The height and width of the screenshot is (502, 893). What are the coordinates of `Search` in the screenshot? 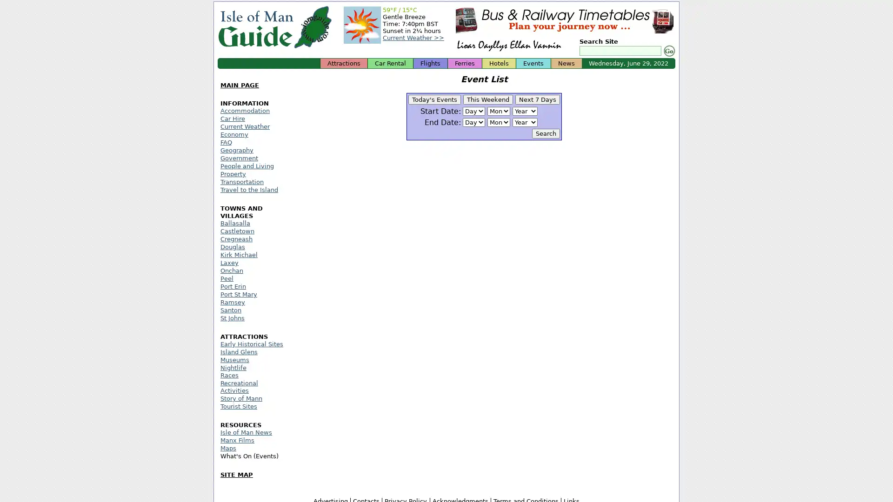 It's located at (546, 133).